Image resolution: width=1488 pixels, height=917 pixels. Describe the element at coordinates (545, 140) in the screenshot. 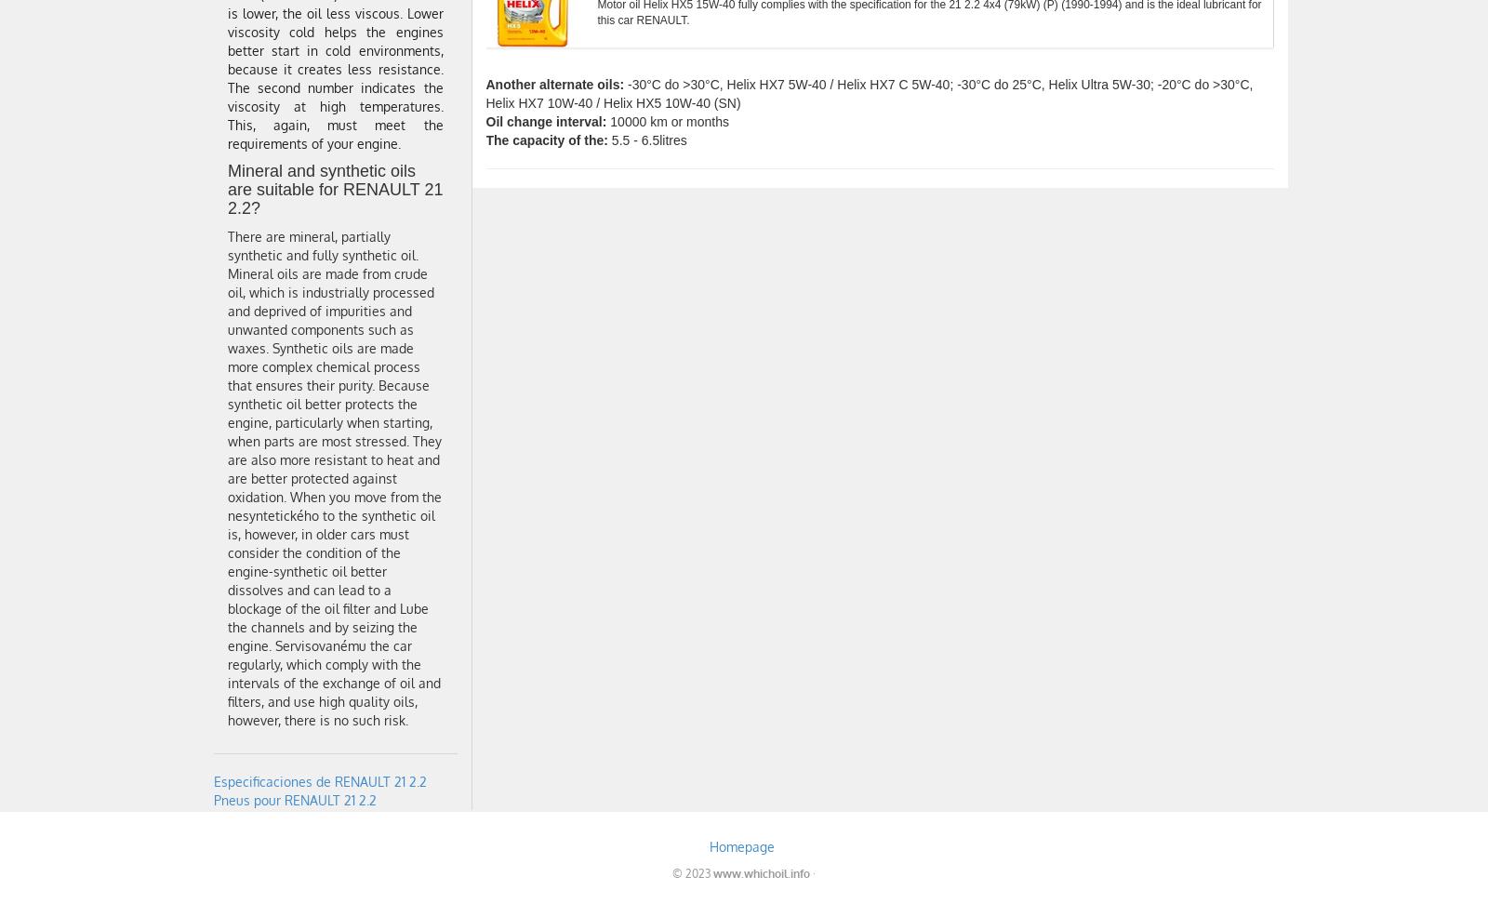

I see `'The capacity of the:'` at that location.